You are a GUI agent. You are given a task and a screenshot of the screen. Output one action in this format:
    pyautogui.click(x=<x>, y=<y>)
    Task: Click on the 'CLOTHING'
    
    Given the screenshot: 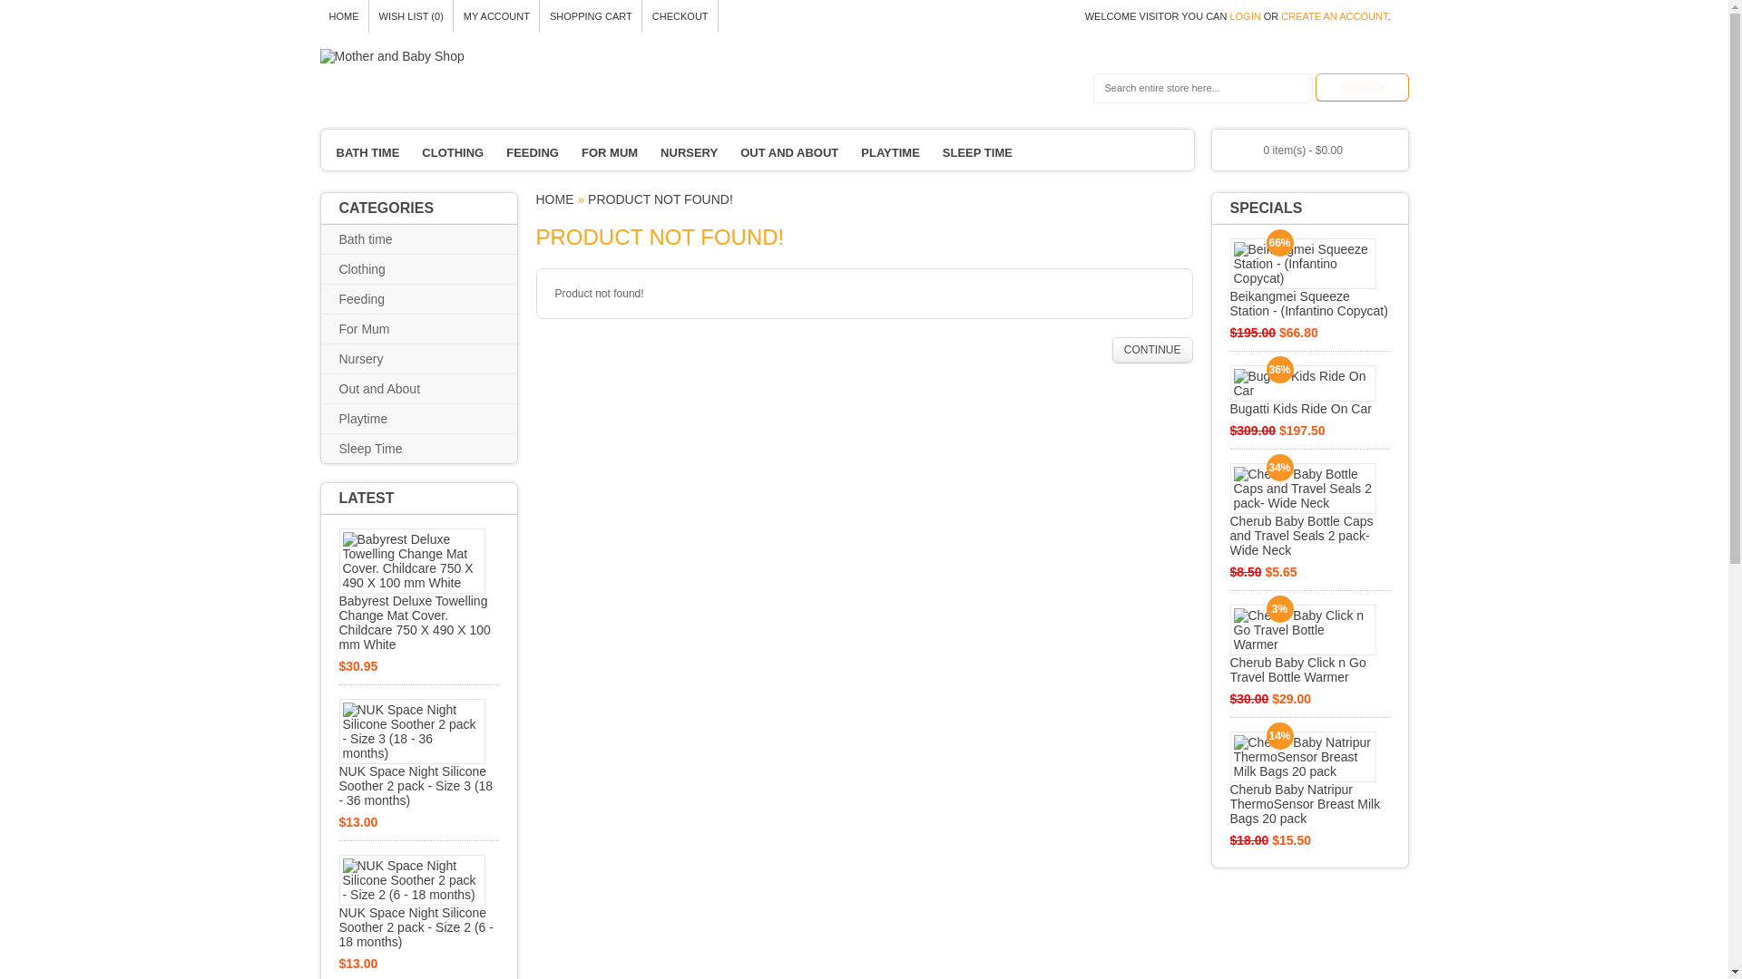 What is the action you would take?
    pyautogui.click(x=453, y=152)
    